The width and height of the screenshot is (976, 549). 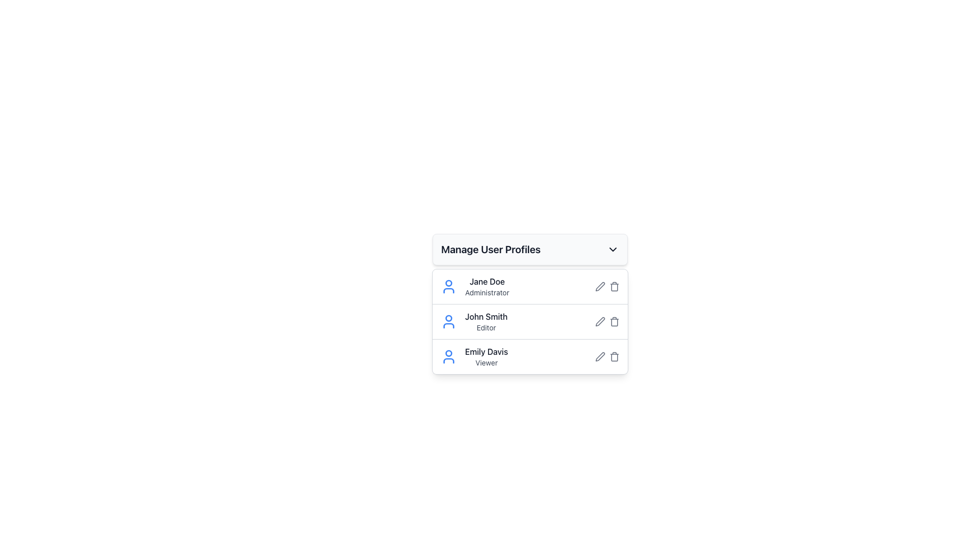 I want to click on the text label displaying 'Emily Davis' and 'Viewer', so click(x=485, y=356).